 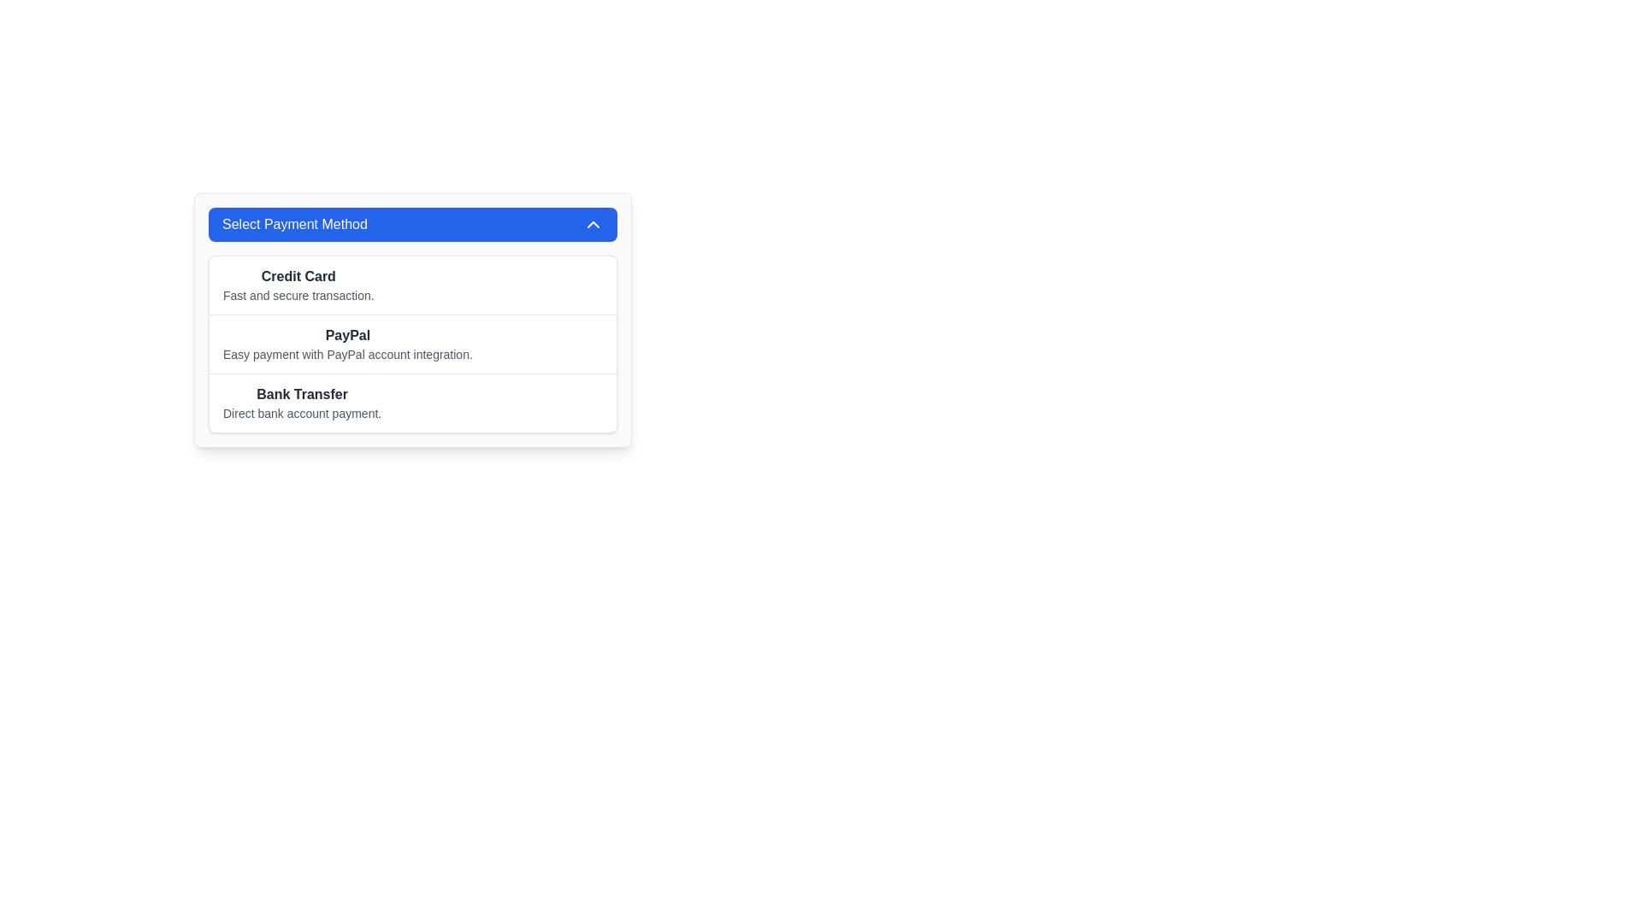 What do you see at coordinates (302, 403) in the screenshot?
I see `the 'Bank Transfer' payment option in the list of payment methods located under 'Select Payment Method'` at bounding box center [302, 403].